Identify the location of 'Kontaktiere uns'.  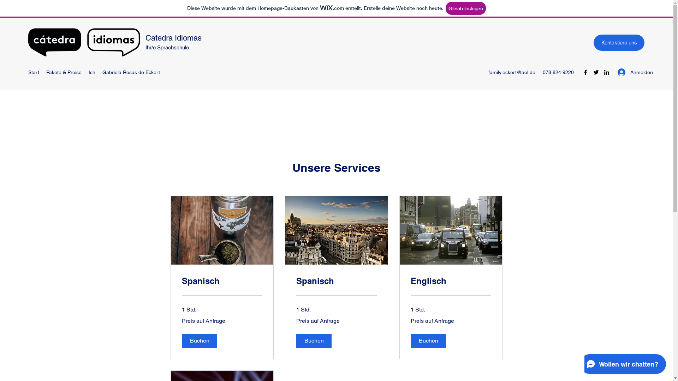
(593, 42).